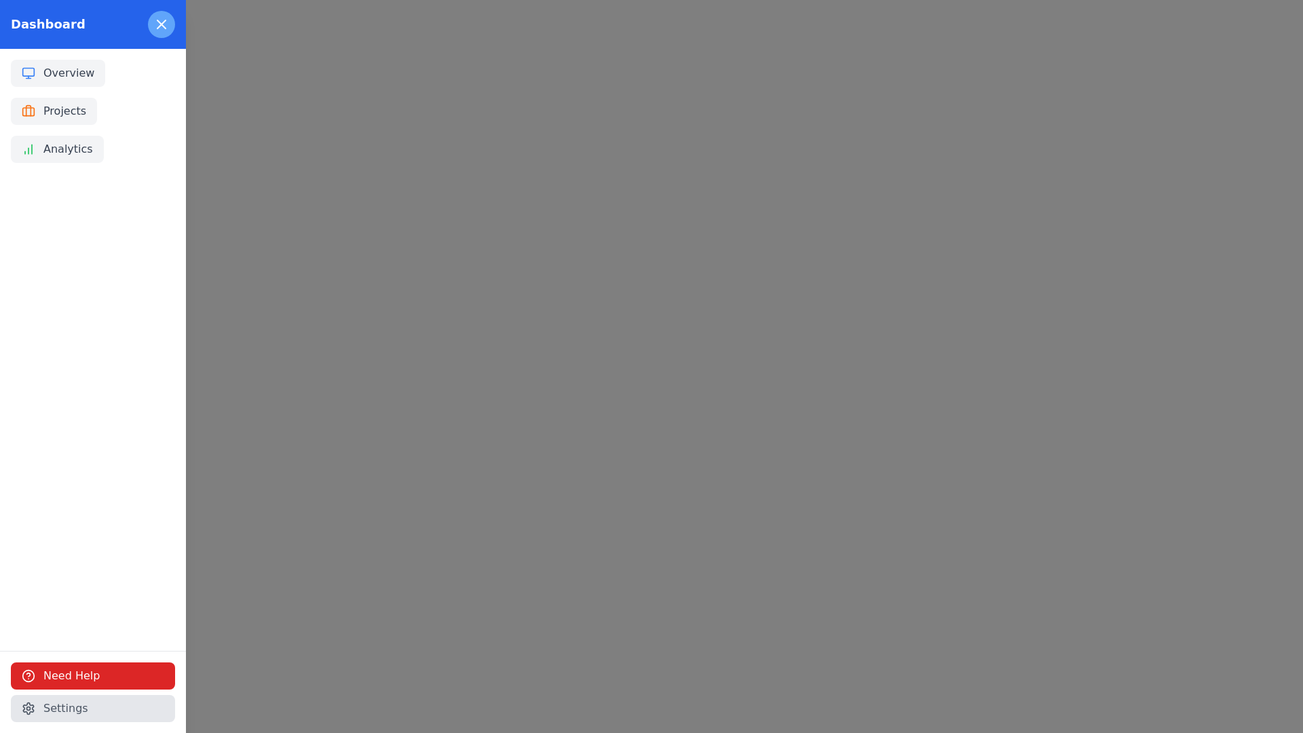  I want to click on the decorative graphical element within the SVG structure, which is located near the bottom-left corner of the interface, adjacent to the 'Need Help' button, so click(29, 675).